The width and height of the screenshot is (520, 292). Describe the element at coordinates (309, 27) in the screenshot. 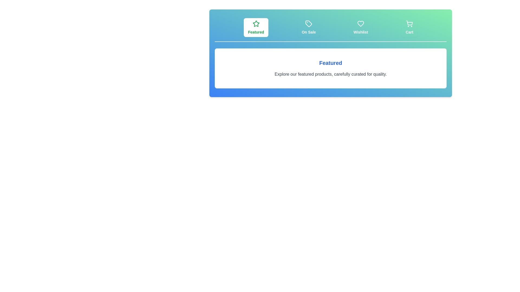

I see `the tab labeled On Sale to switch the view` at that location.